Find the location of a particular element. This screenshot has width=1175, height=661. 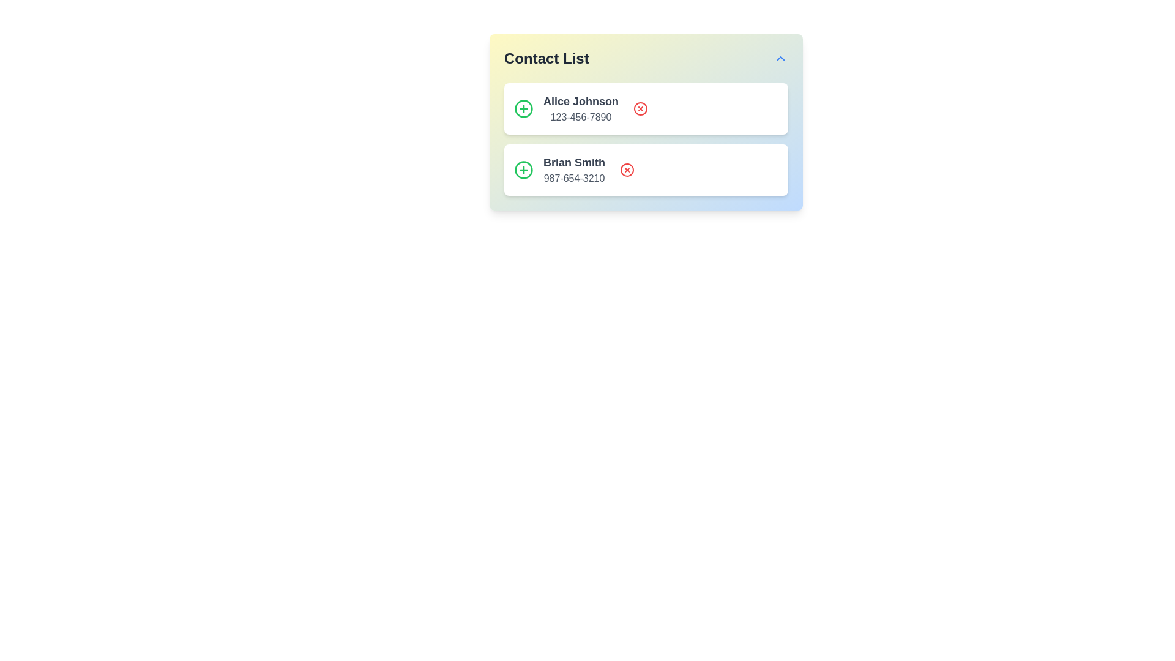

the circular icon button with a green plus symbol located to the left of the contact entry for 'Alice Johnson' is located at coordinates (523, 108).